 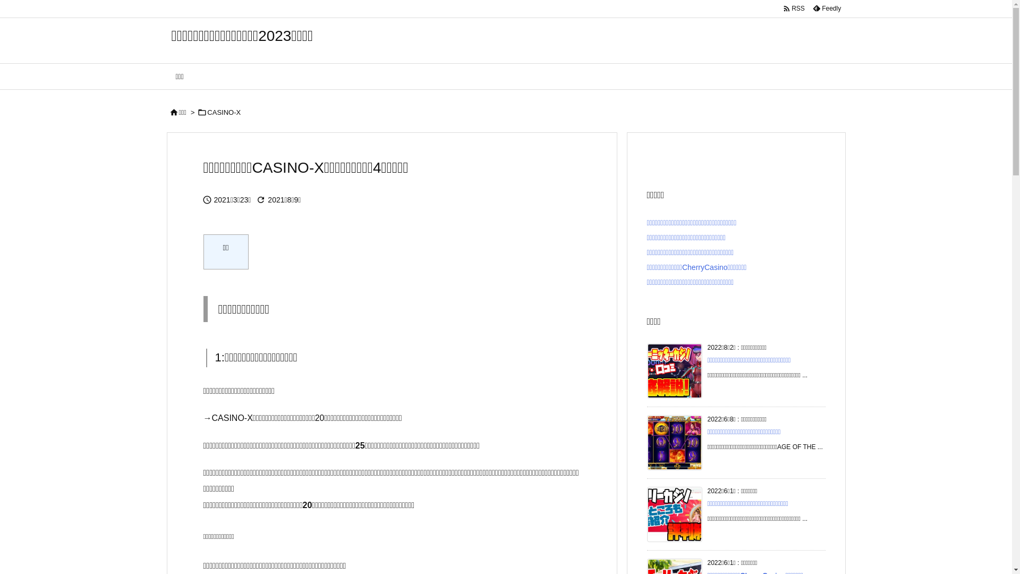 What do you see at coordinates (826, 8) in the screenshot?
I see `'  Feedly '` at bounding box center [826, 8].